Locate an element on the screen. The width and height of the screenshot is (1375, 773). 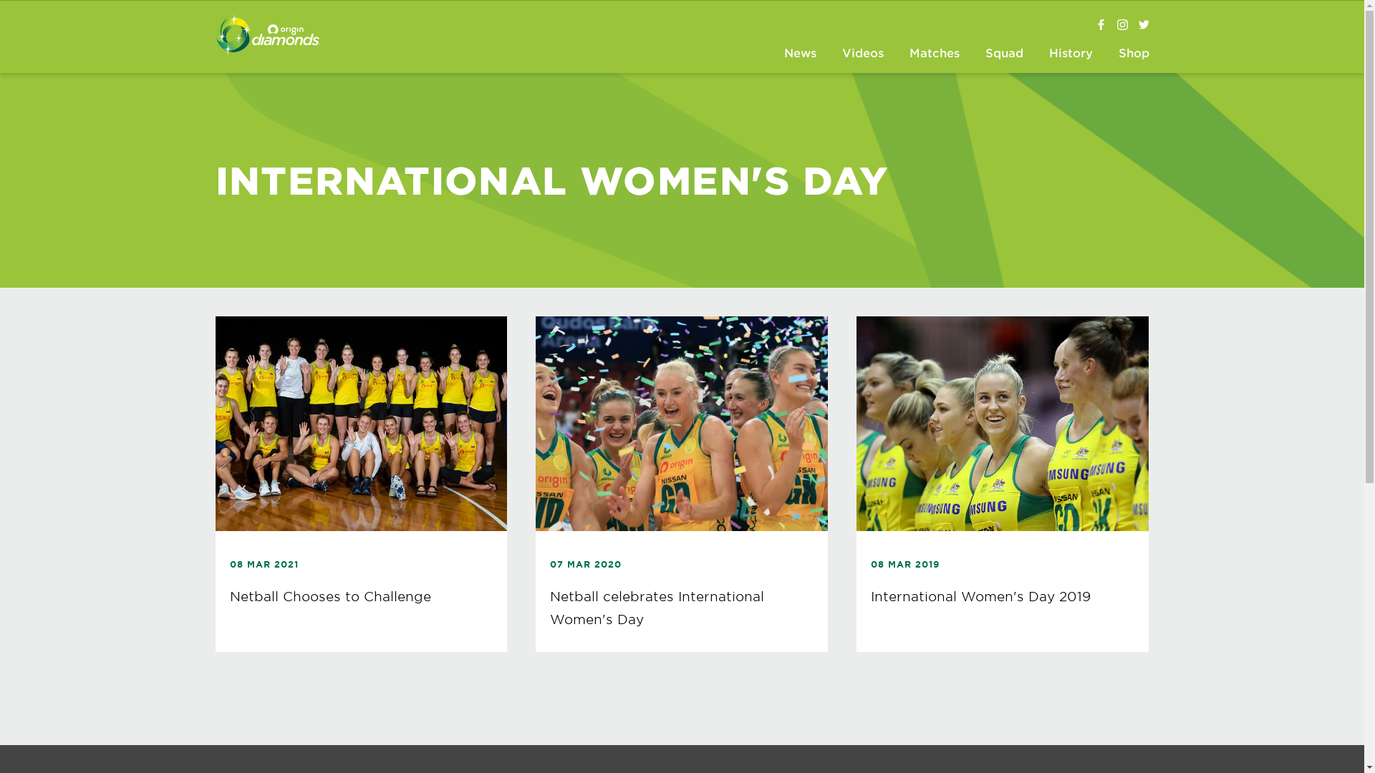
'Videos' is located at coordinates (862, 54).